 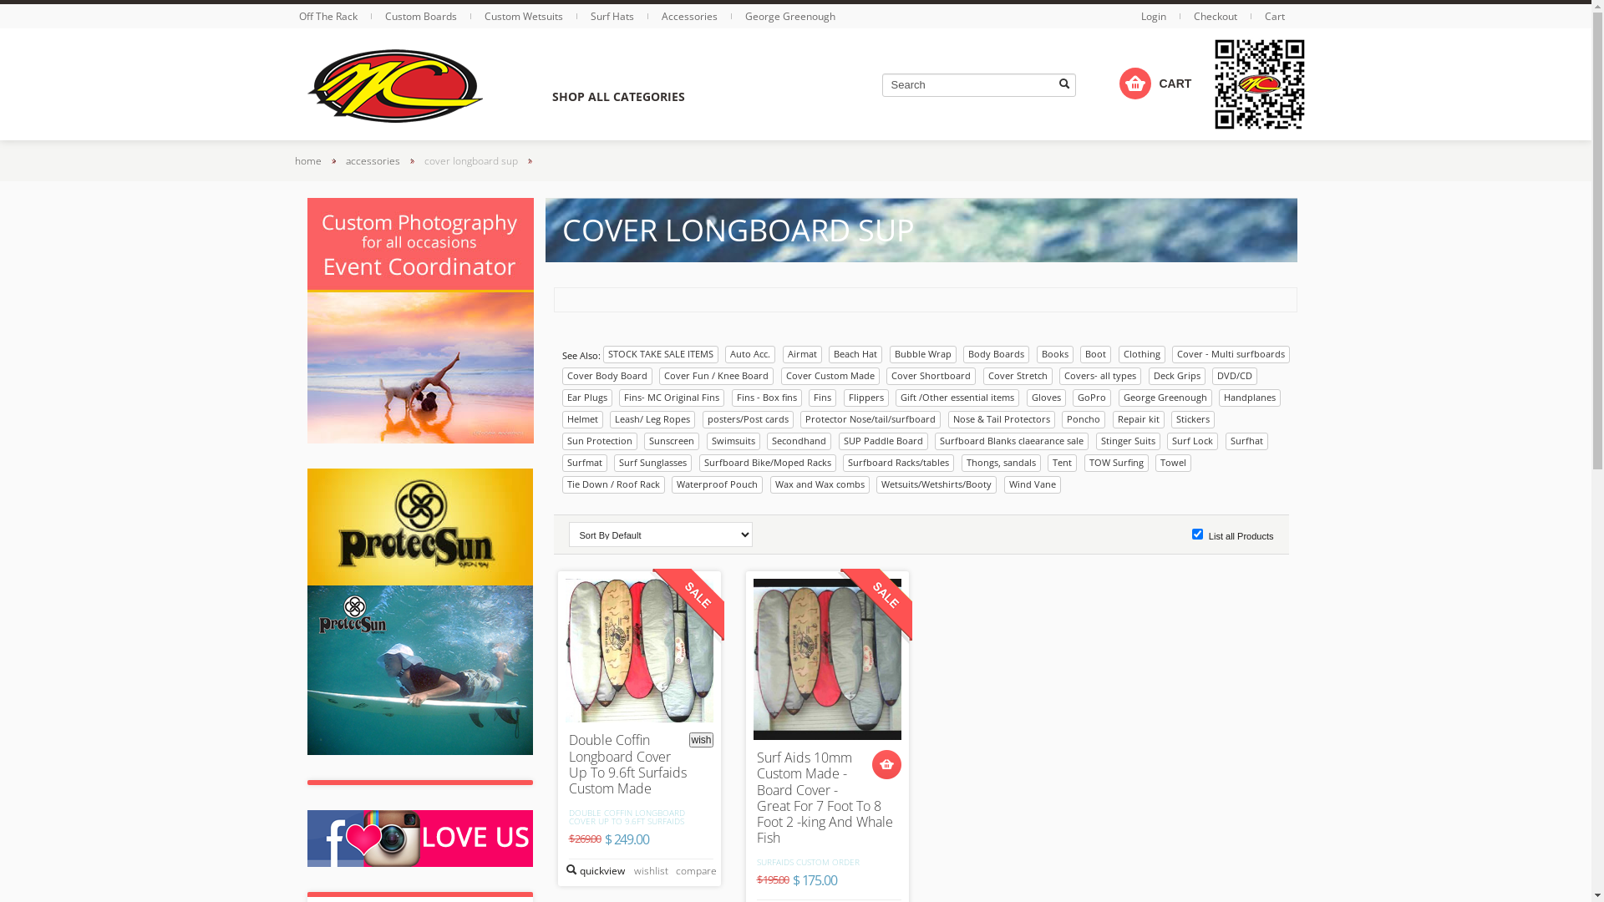 I want to click on 'Accessories', so click(x=690, y=16).